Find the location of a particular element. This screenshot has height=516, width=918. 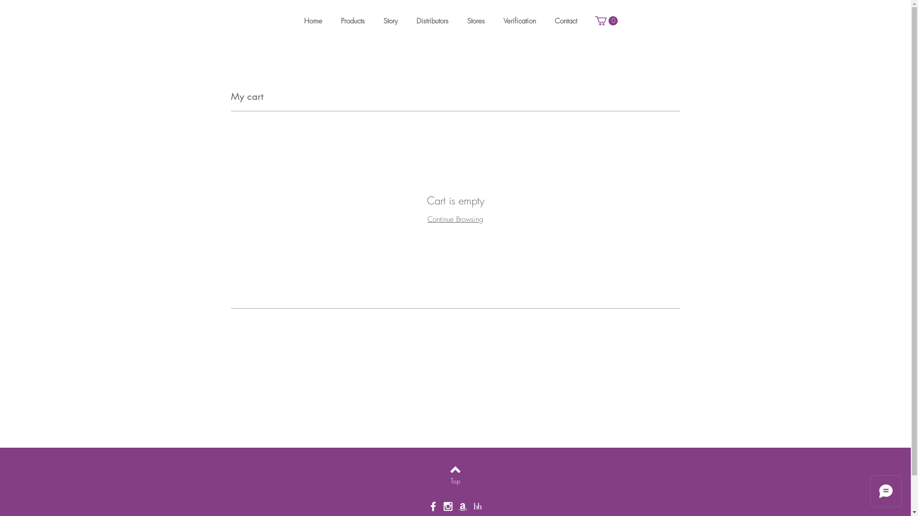

'Story' is located at coordinates (393, 21).